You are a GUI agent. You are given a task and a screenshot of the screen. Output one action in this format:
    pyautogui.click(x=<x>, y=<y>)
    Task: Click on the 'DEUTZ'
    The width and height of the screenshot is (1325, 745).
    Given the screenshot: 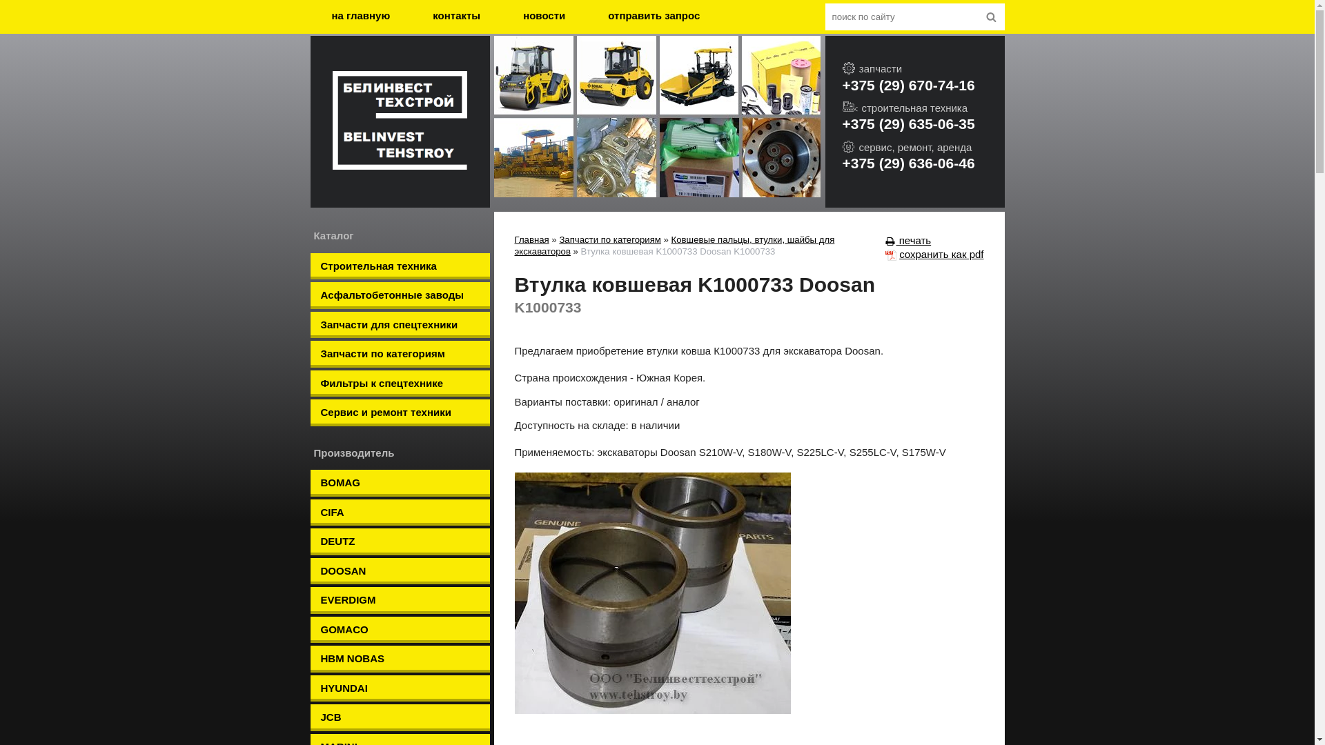 What is the action you would take?
    pyautogui.click(x=400, y=541)
    